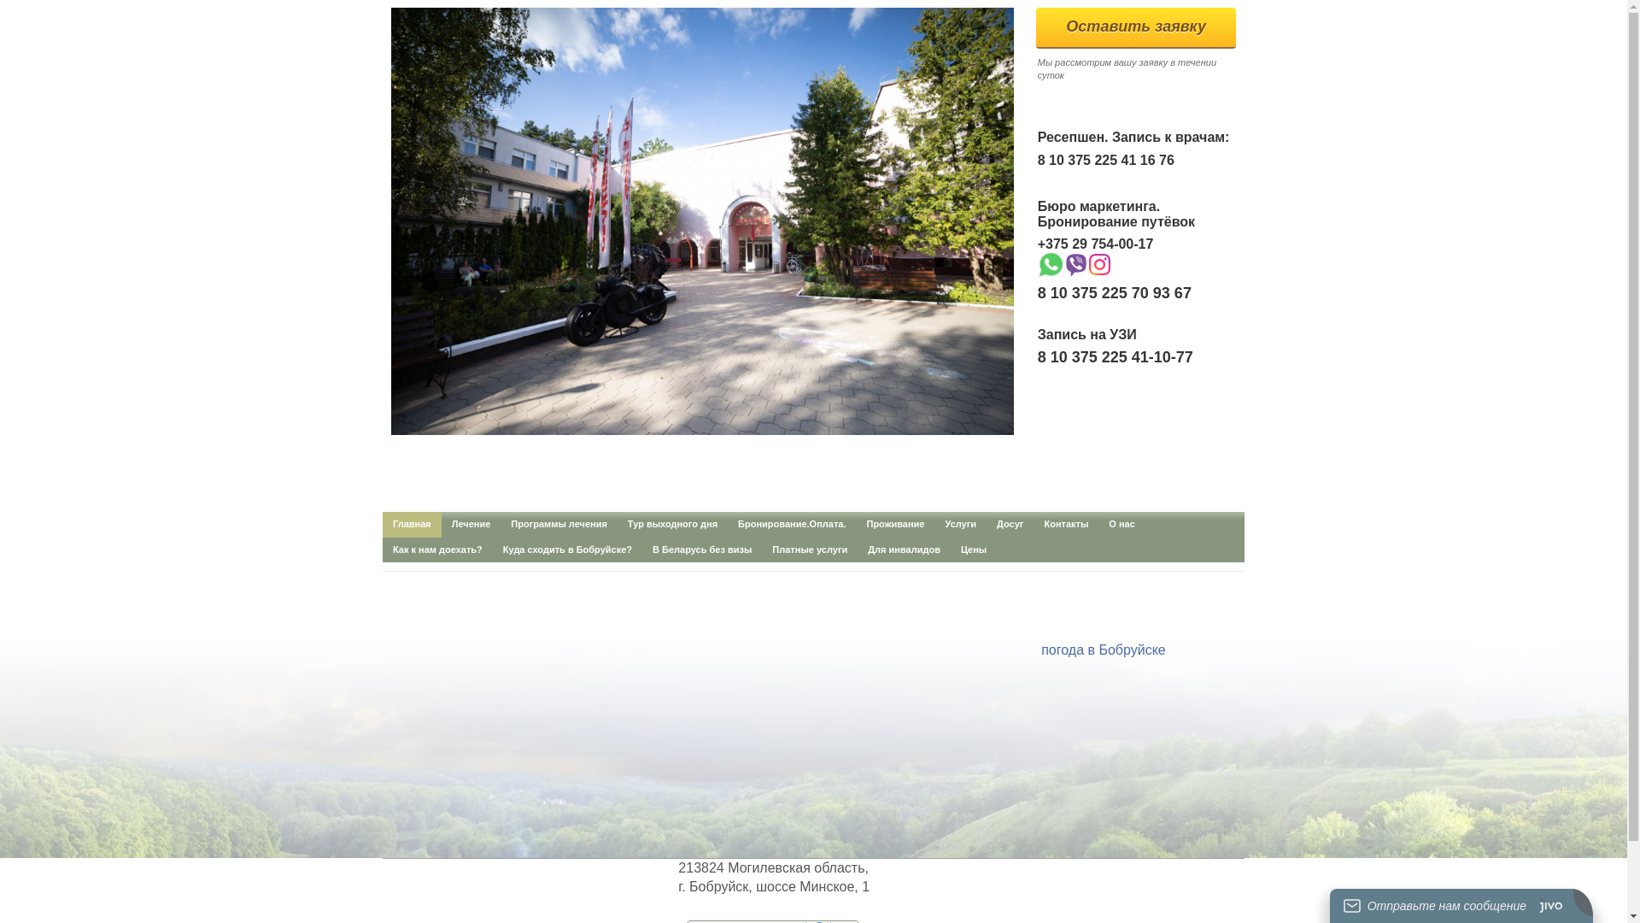  Describe the element at coordinates (1049, 264) in the screenshot. I see `'whatsapp'` at that location.